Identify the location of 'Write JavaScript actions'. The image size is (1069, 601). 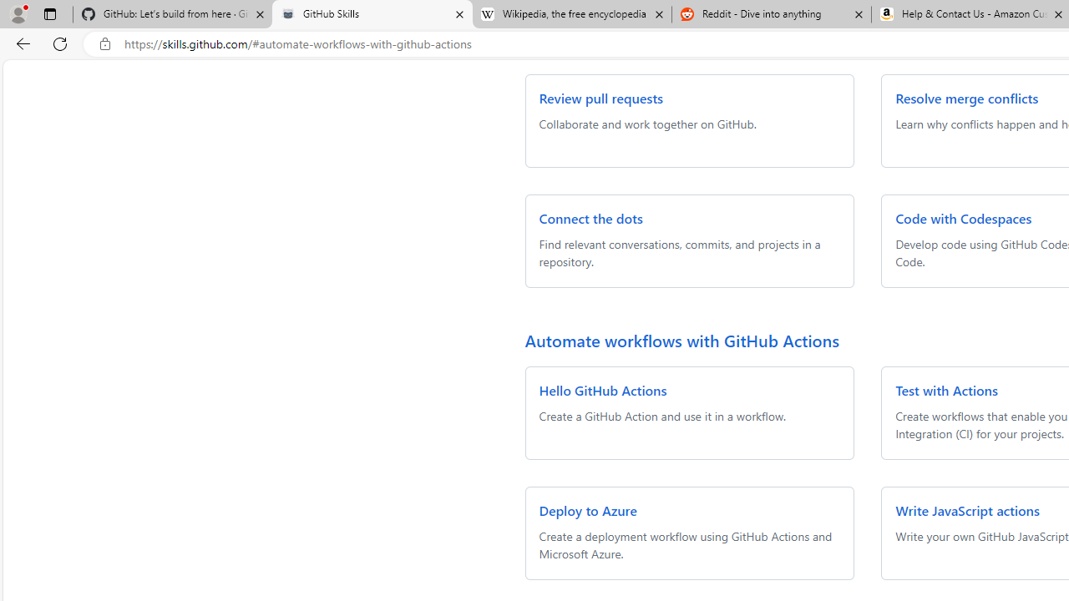
(968, 509).